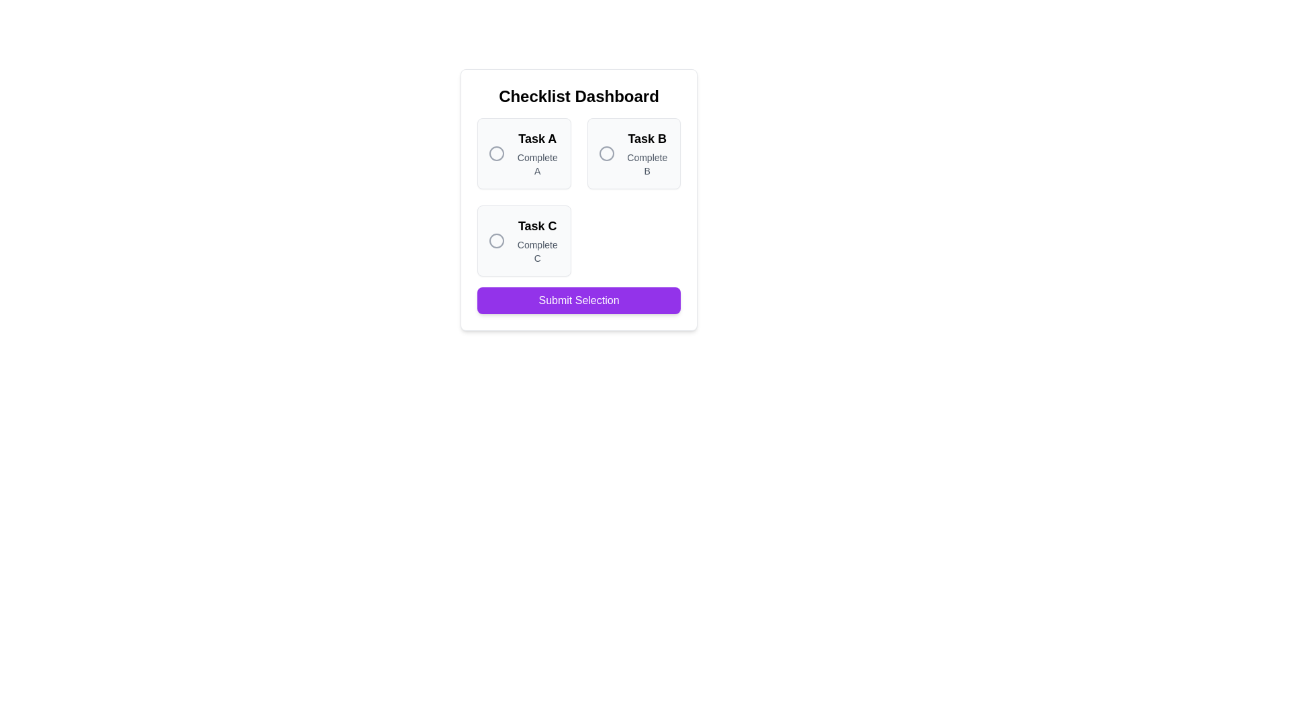  I want to click on the label group that represents 'Task B', which contains a title and subtitle, located in the checklist dashboard interface, so click(647, 152).